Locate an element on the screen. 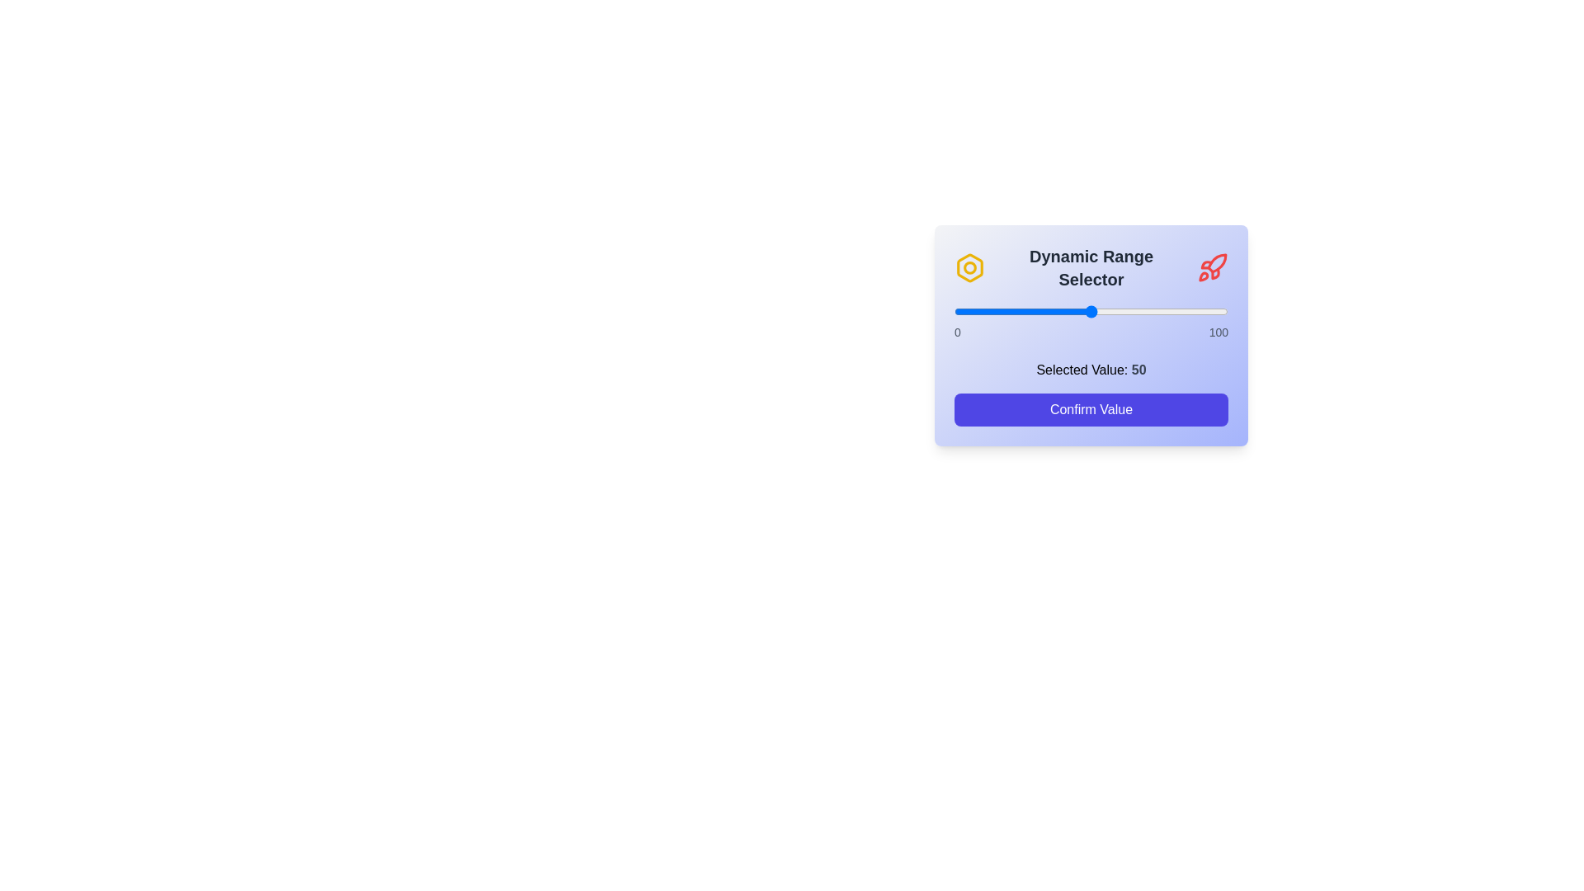 The width and height of the screenshot is (1584, 891). the slider to set its value to 6 is located at coordinates (970, 312).